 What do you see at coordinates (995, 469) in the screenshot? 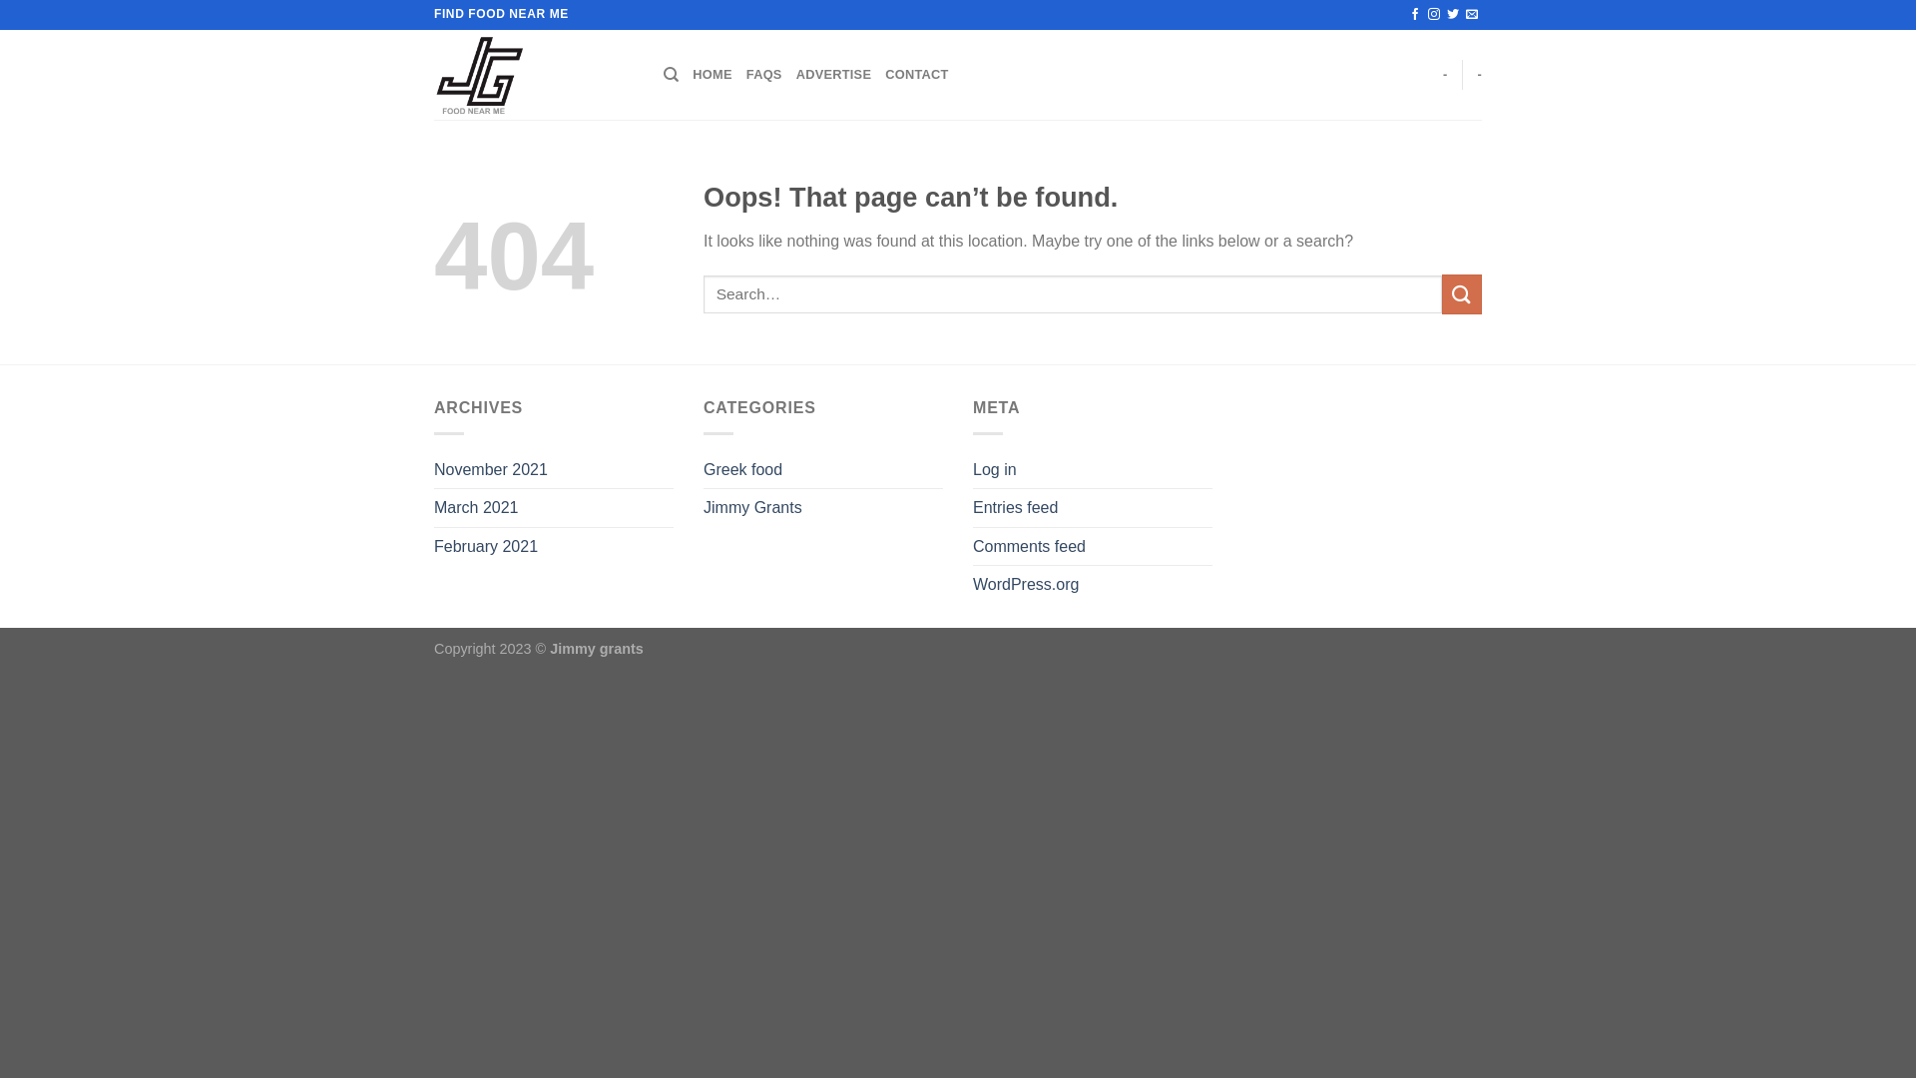
I see `'Log in'` at bounding box center [995, 469].